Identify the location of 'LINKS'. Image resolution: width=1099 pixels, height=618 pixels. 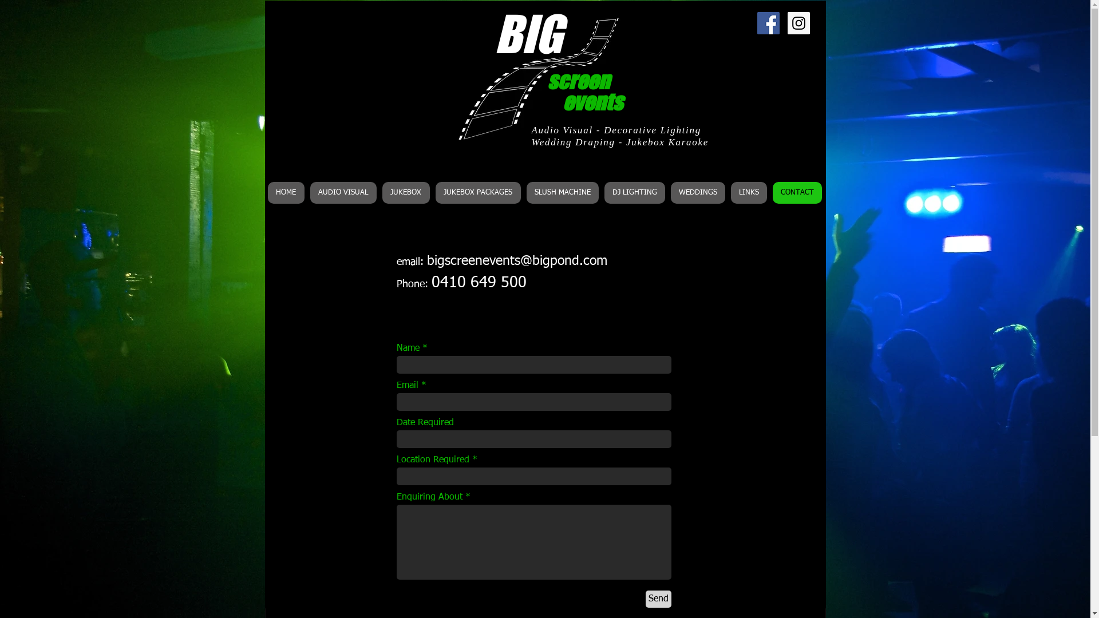
(748, 192).